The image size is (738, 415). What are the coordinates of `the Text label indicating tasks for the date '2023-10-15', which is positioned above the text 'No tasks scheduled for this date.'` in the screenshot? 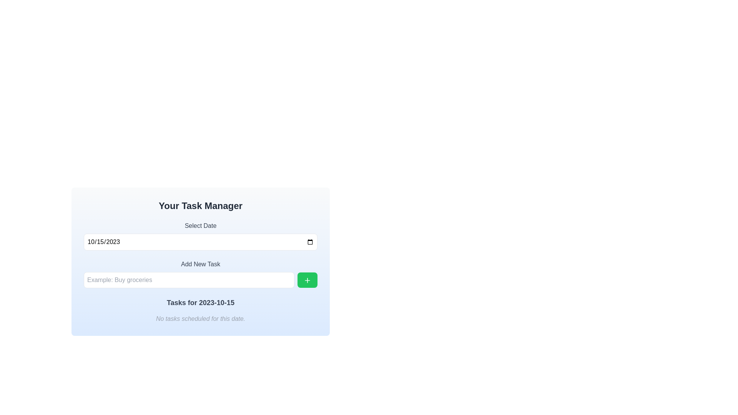 It's located at (201, 302).